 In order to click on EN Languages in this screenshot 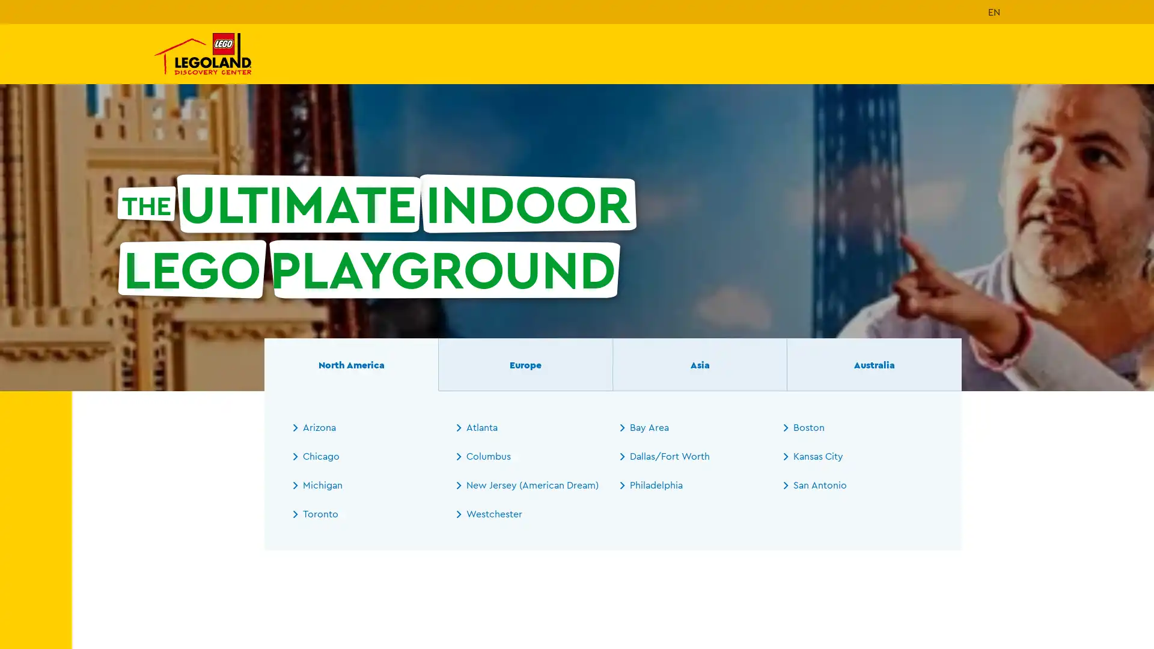, I will do `click(994, 11)`.